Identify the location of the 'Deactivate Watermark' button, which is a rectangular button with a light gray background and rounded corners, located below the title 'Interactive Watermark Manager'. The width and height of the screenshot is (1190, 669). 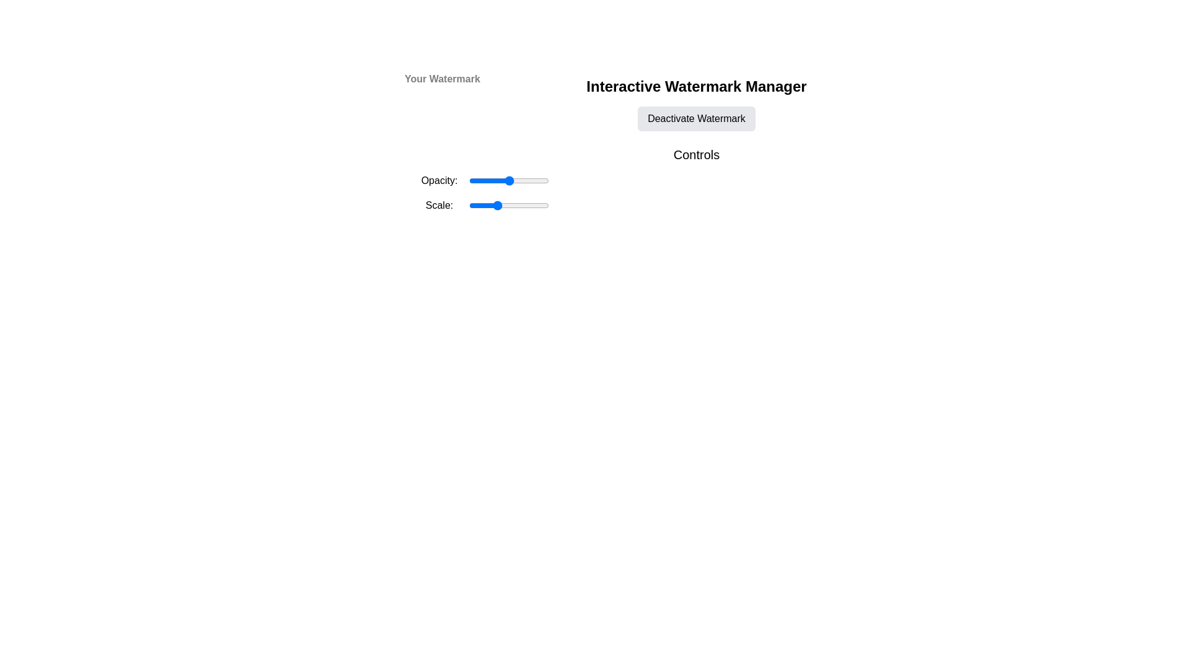
(696, 119).